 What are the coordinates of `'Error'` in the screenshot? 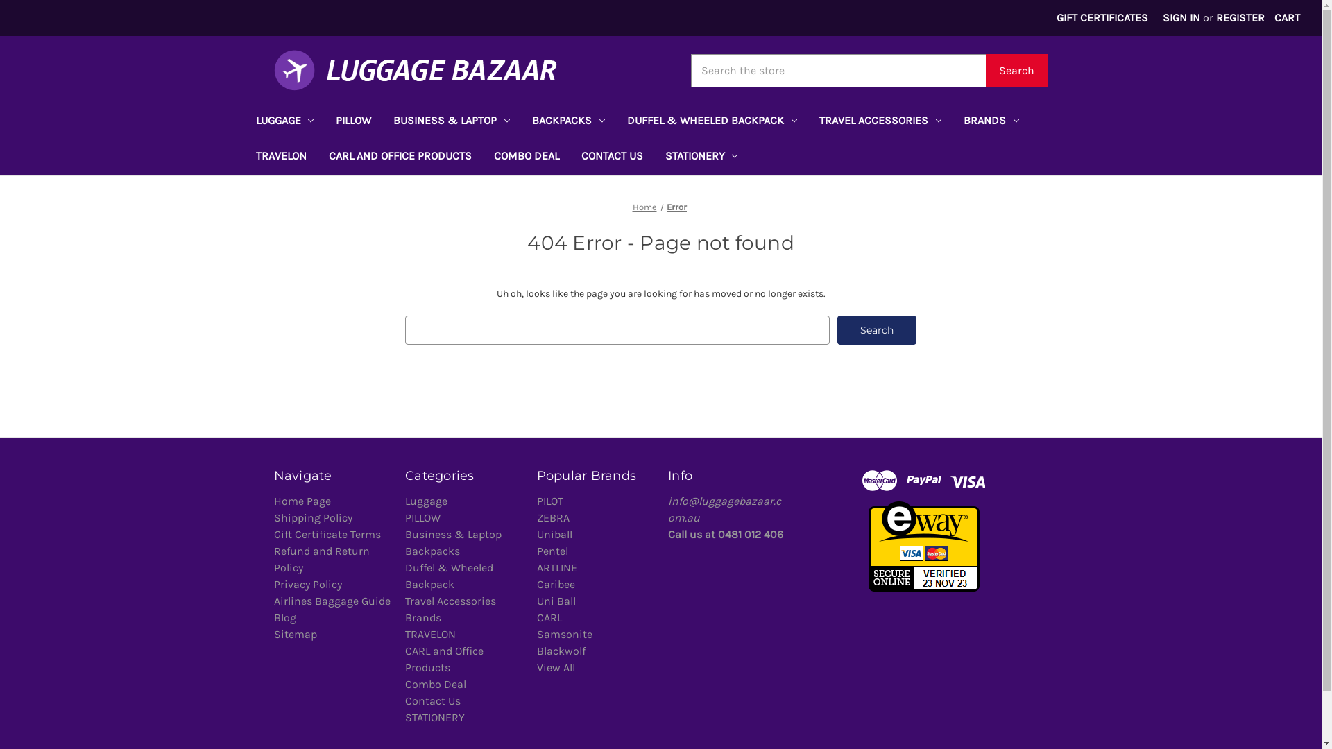 It's located at (676, 207).